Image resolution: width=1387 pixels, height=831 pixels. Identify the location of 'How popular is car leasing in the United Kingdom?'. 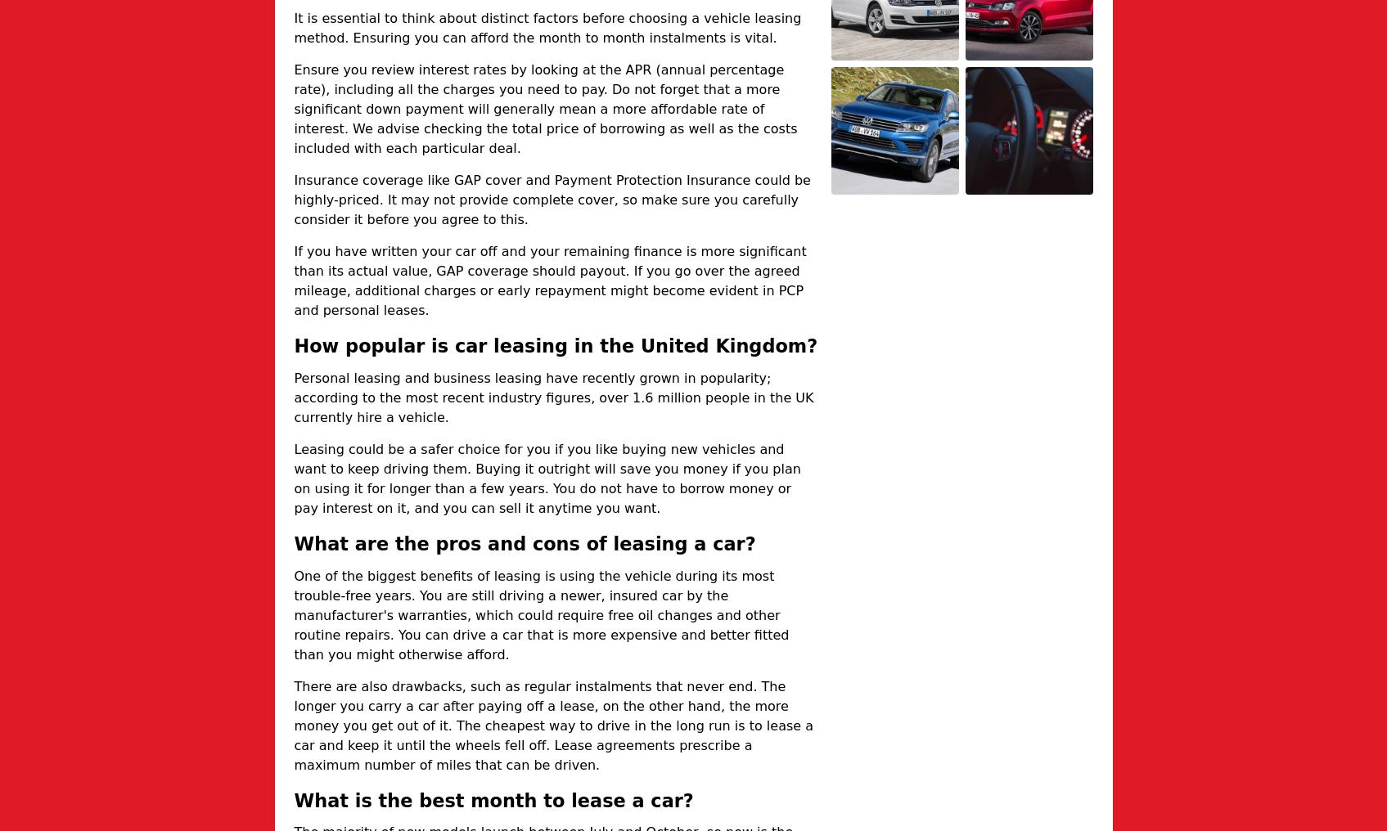
(556, 344).